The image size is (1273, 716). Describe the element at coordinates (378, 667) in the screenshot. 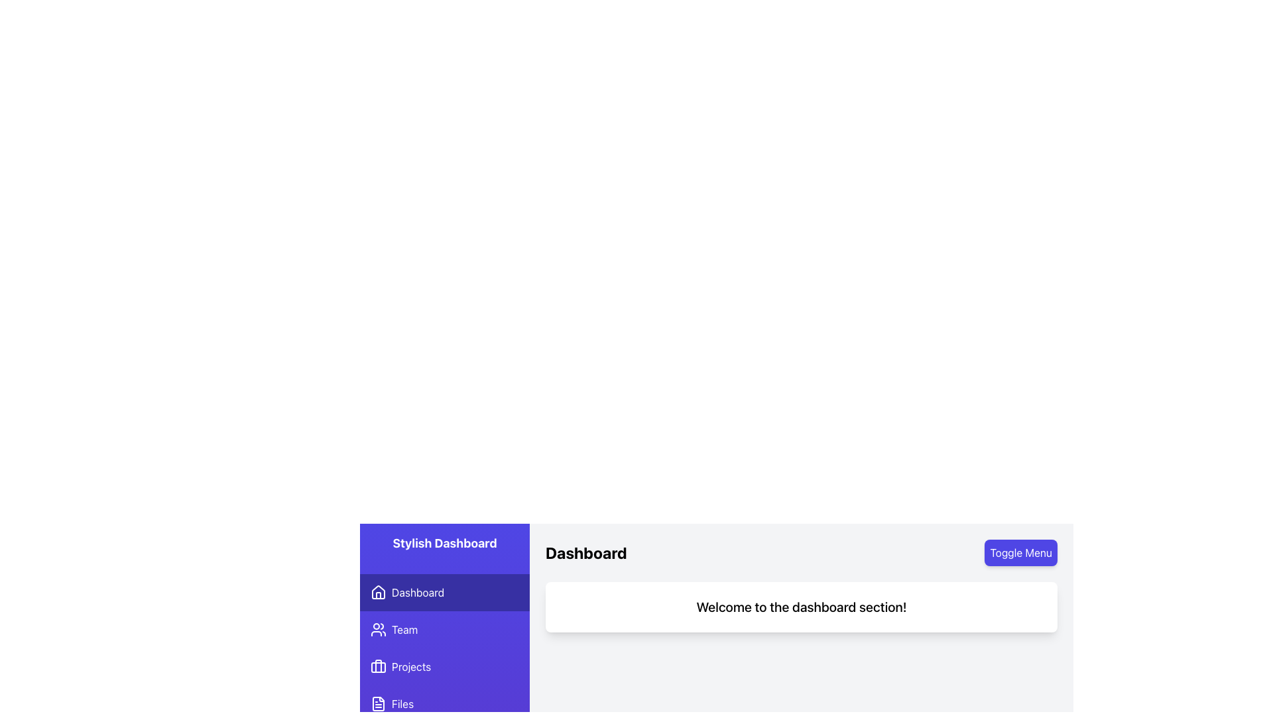

I see `the purple briefcase icon in the Projects menu item located in the sidebar` at that location.